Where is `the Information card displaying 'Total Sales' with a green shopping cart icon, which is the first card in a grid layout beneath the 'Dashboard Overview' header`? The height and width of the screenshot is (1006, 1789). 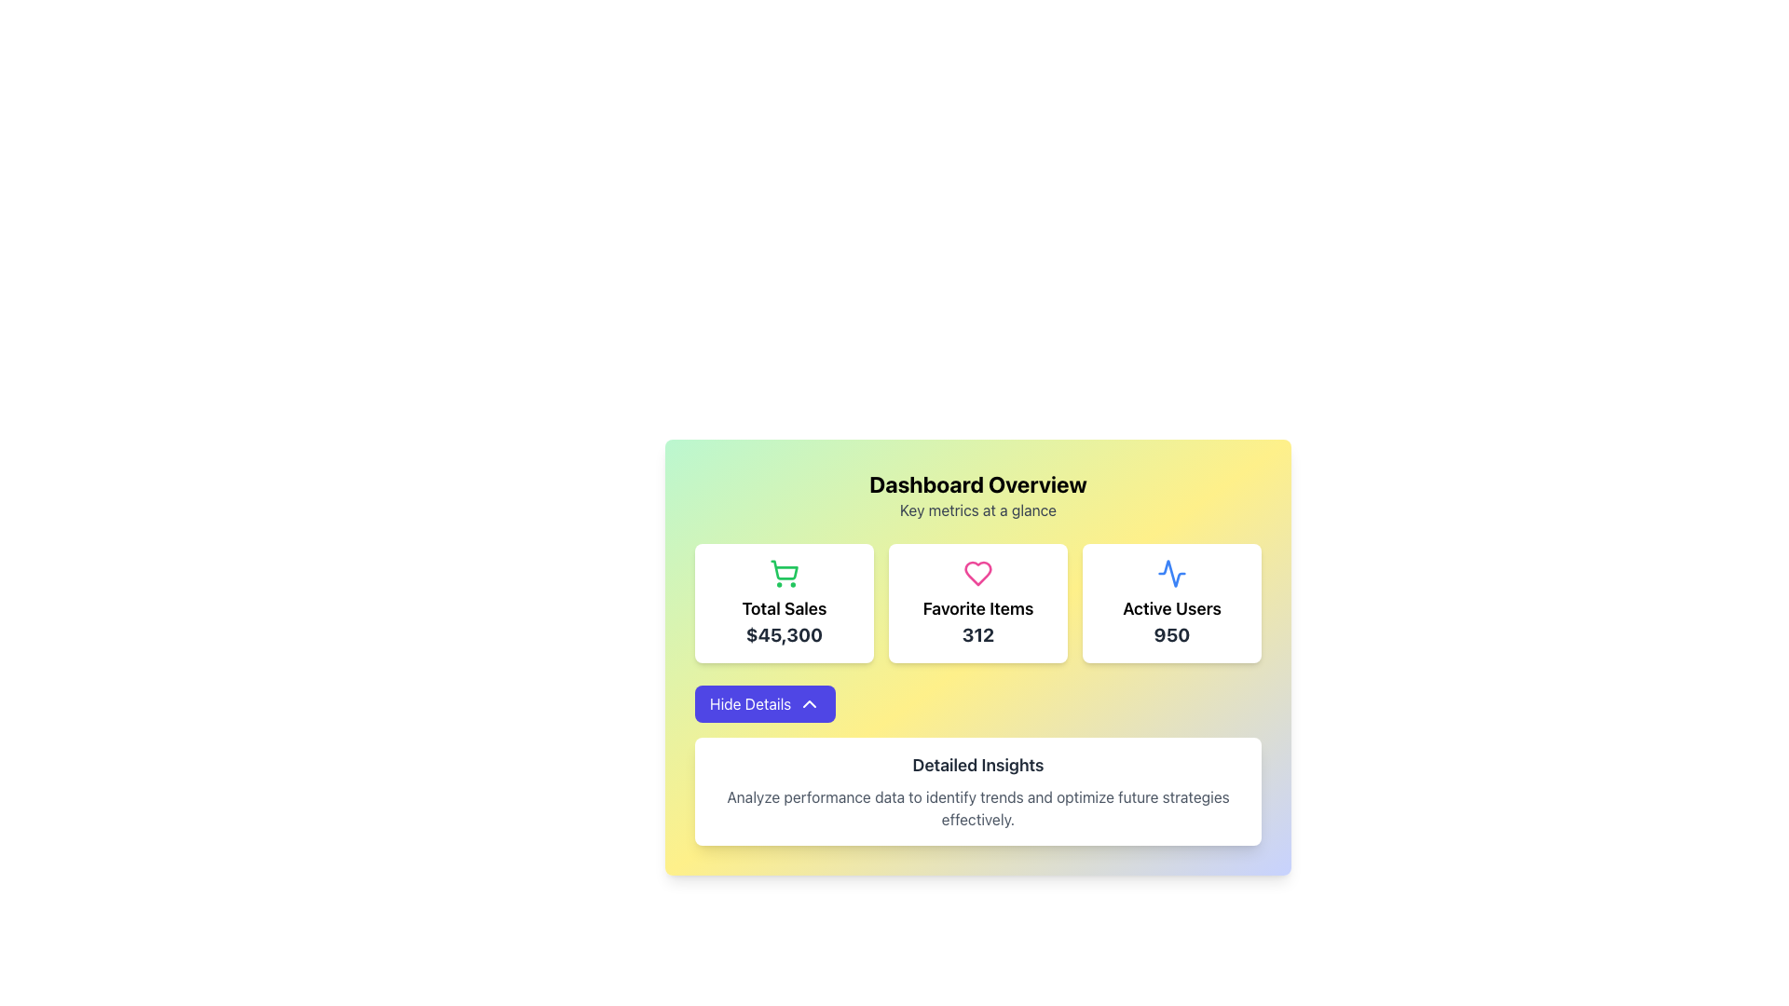
the Information card displaying 'Total Sales' with a green shopping cart icon, which is the first card in a grid layout beneath the 'Dashboard Overview' header is located at coordinates (784, 604).